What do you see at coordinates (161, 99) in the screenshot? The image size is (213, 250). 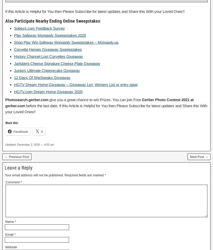 I see `'Gerber Photo Contest'` at bounding box center [161, 99].